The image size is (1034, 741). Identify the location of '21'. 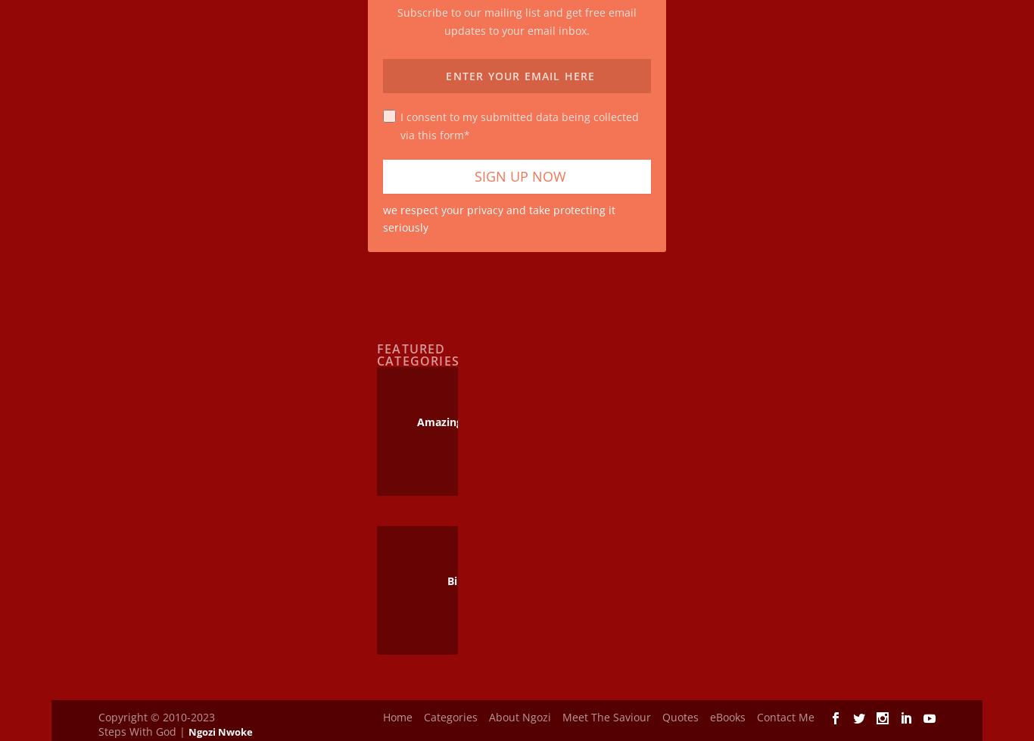
(456, 429).